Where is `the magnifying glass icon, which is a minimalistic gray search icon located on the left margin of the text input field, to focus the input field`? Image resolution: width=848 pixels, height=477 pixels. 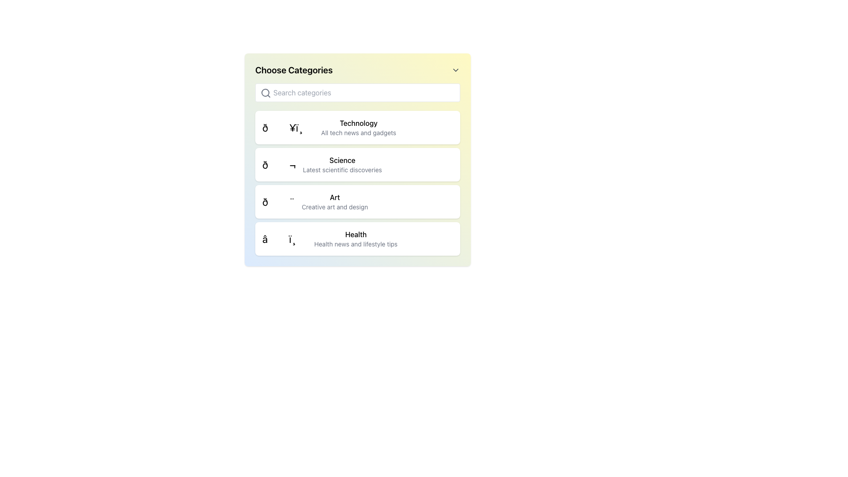
the magnifying glass icon, which is a minimalistic gray search icon located on the left margin of the text input field, to focus the input field is located at coordinates (265, 93).